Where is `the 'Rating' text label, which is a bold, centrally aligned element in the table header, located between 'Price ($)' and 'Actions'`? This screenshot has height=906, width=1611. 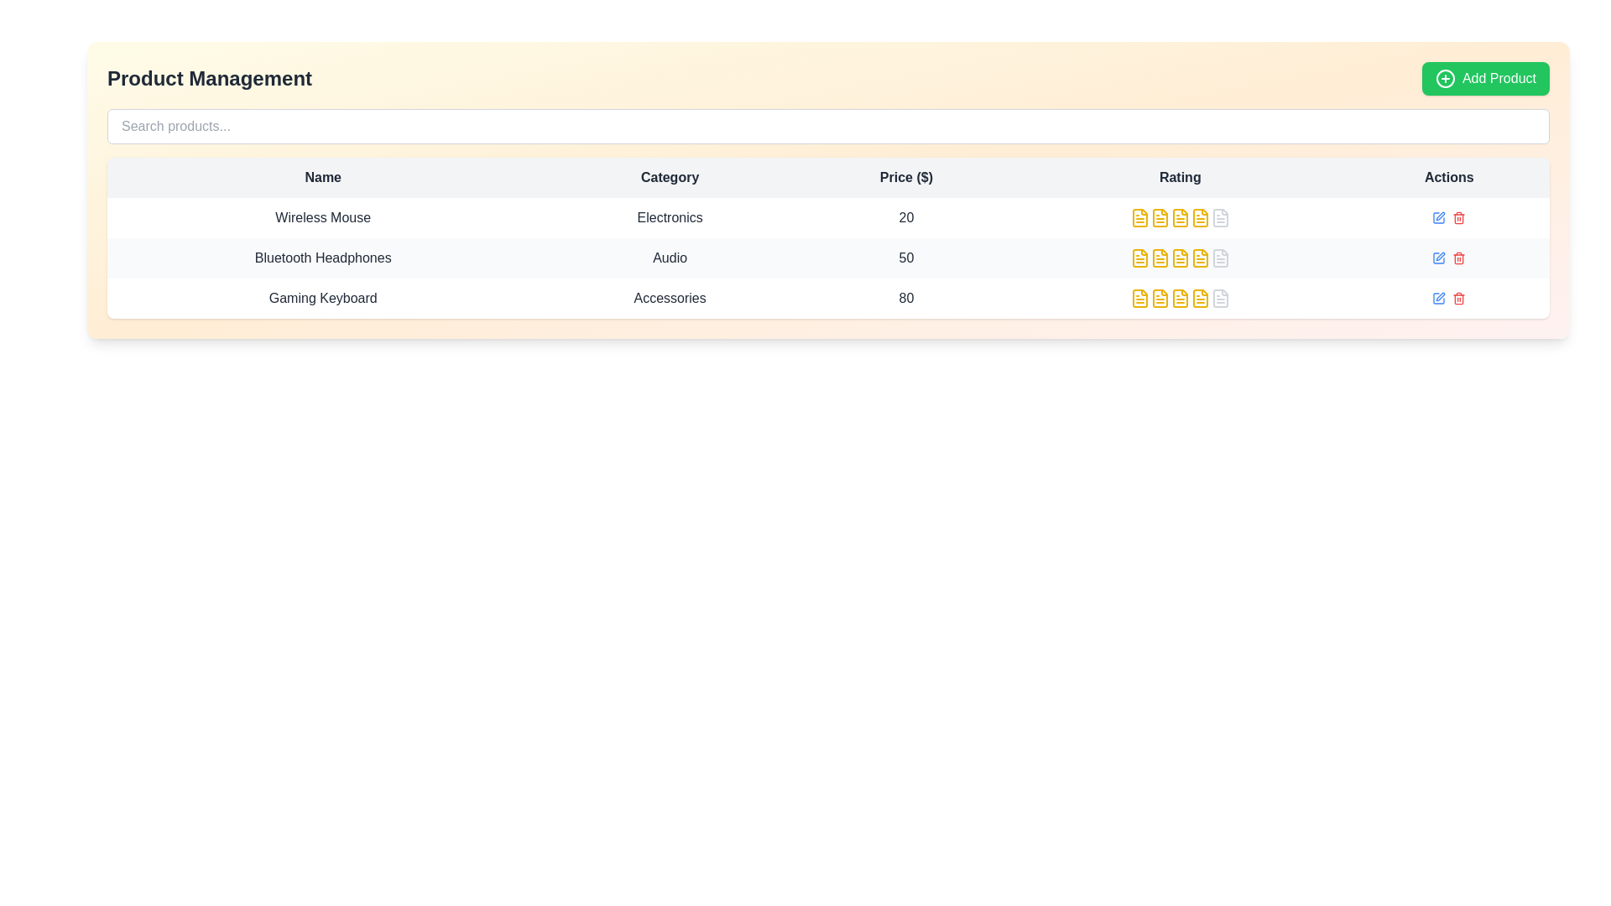
the 'Rating' text label, which is a bold, centrally aligned element in the table header, located between 'Price ($)' and 'Actions' is located at coordinates (1179, 178).